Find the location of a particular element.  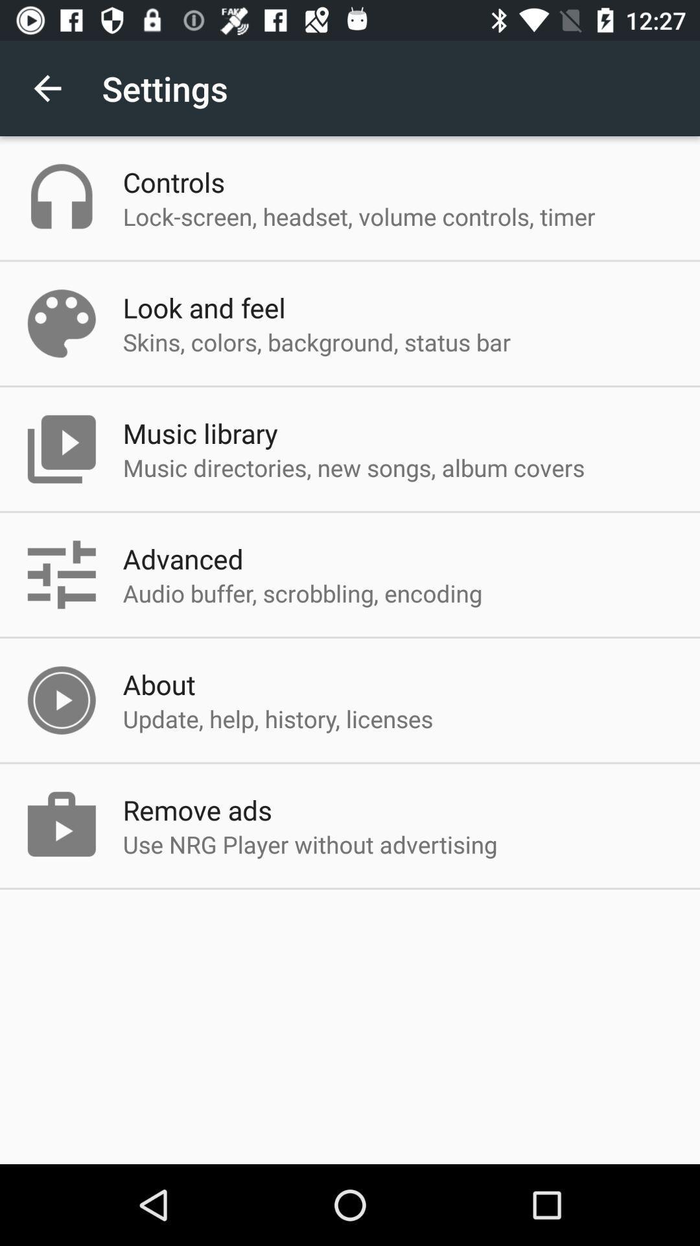

app above the advanced is located at coordinates (354, 467).